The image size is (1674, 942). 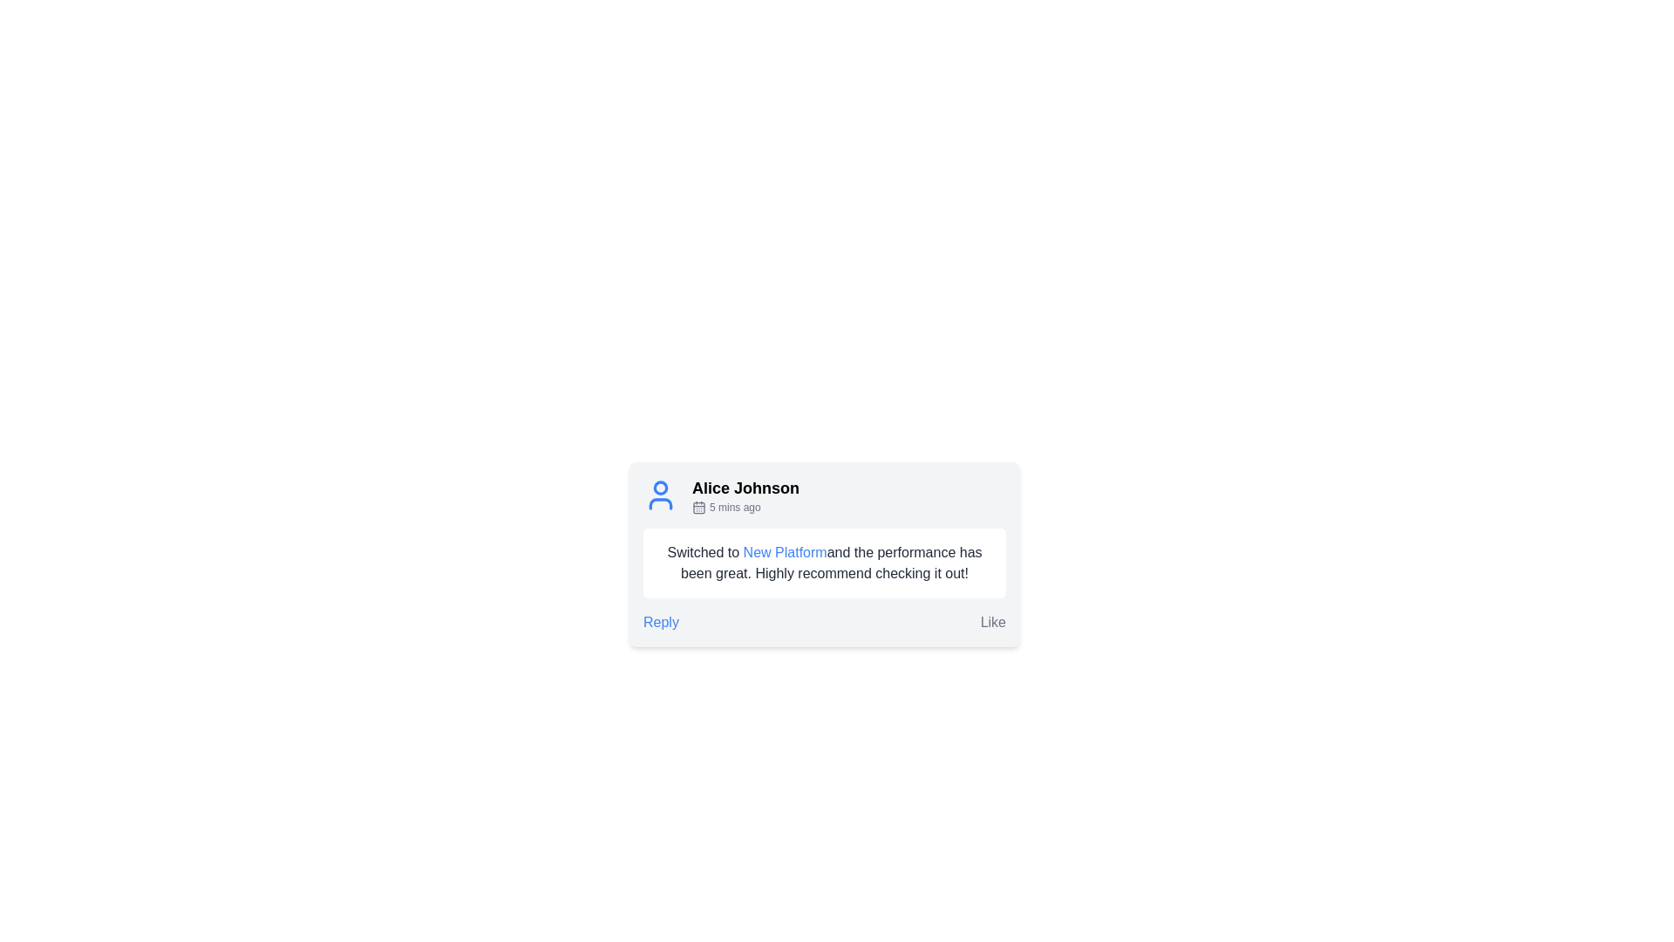 I want to click on the blue circular icon resembling a user profile picture located to the left of the text label 'Alice Johnson', so click(x=660, y=495).